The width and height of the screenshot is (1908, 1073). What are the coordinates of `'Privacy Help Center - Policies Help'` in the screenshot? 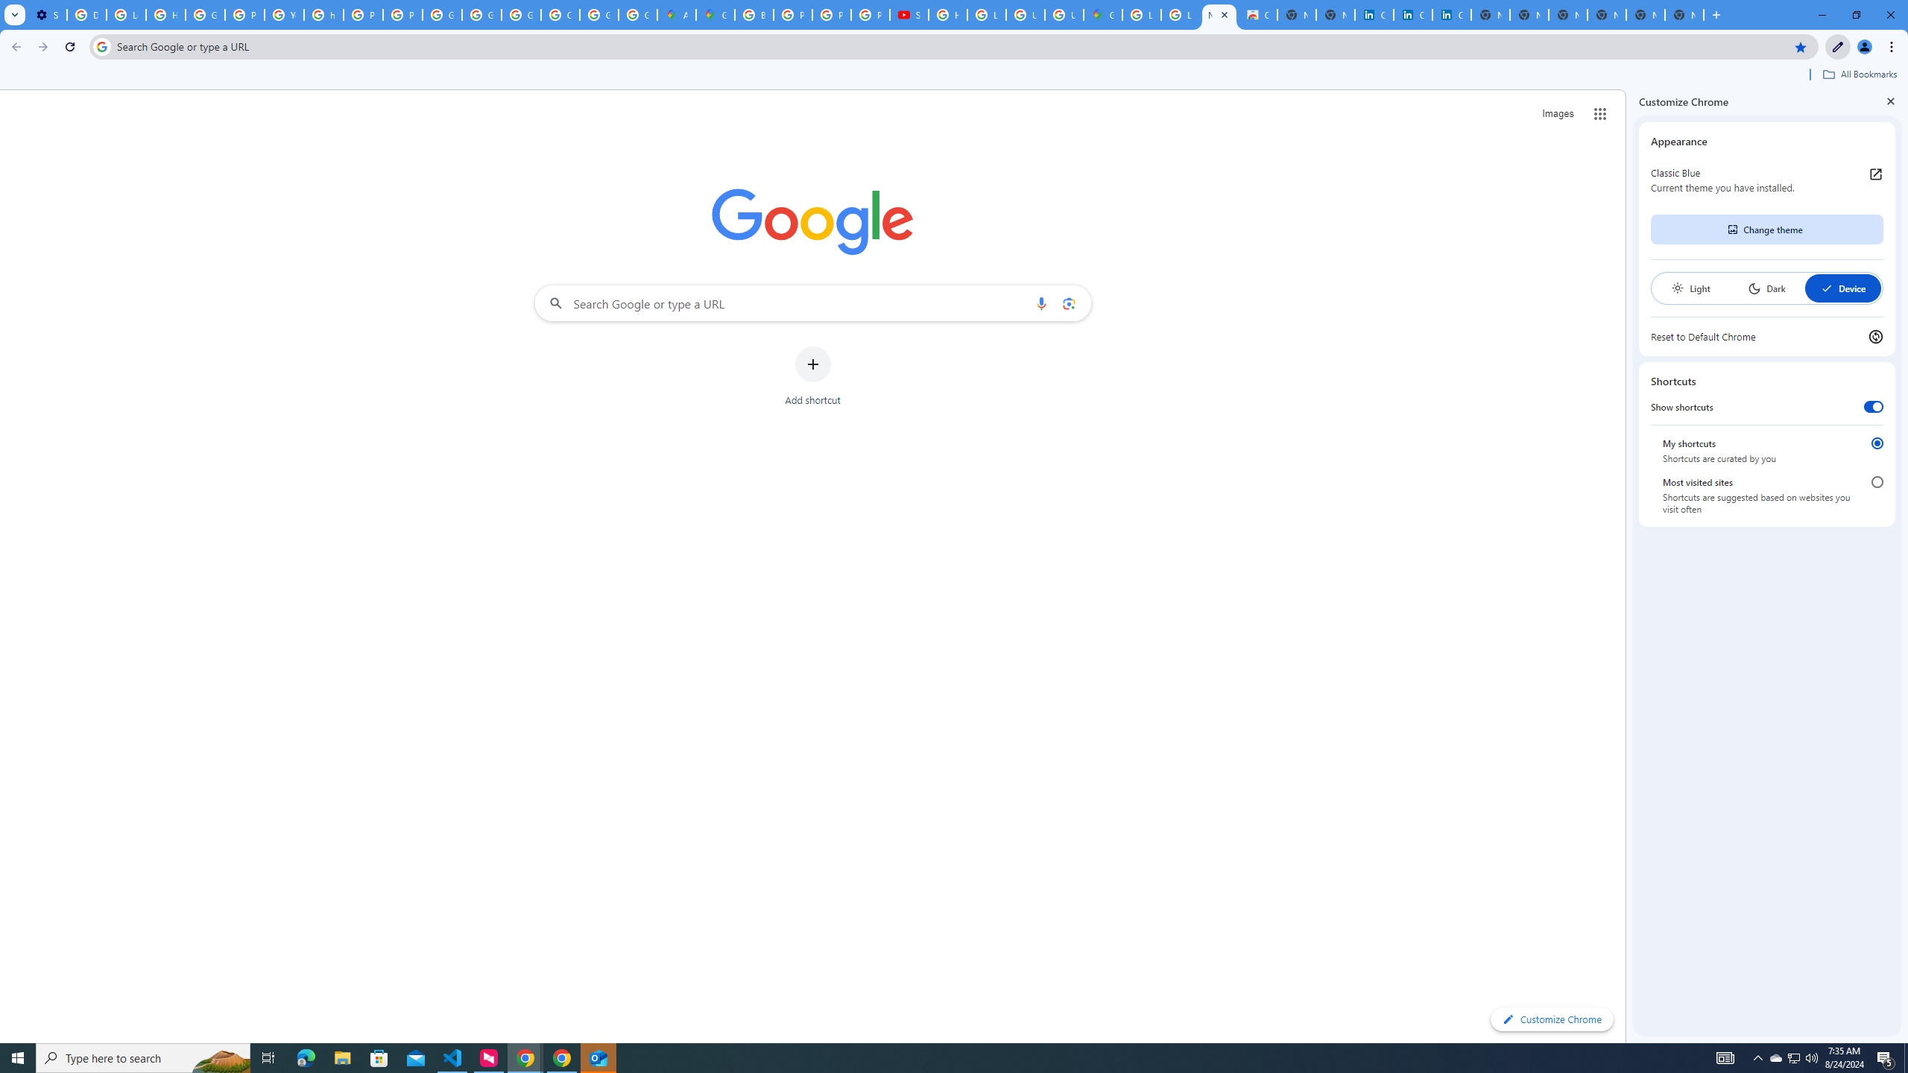 It's located at (832, 14).